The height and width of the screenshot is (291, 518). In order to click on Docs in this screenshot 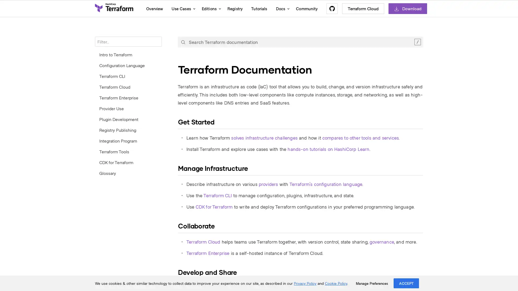, I will do `click(281, 8)`.